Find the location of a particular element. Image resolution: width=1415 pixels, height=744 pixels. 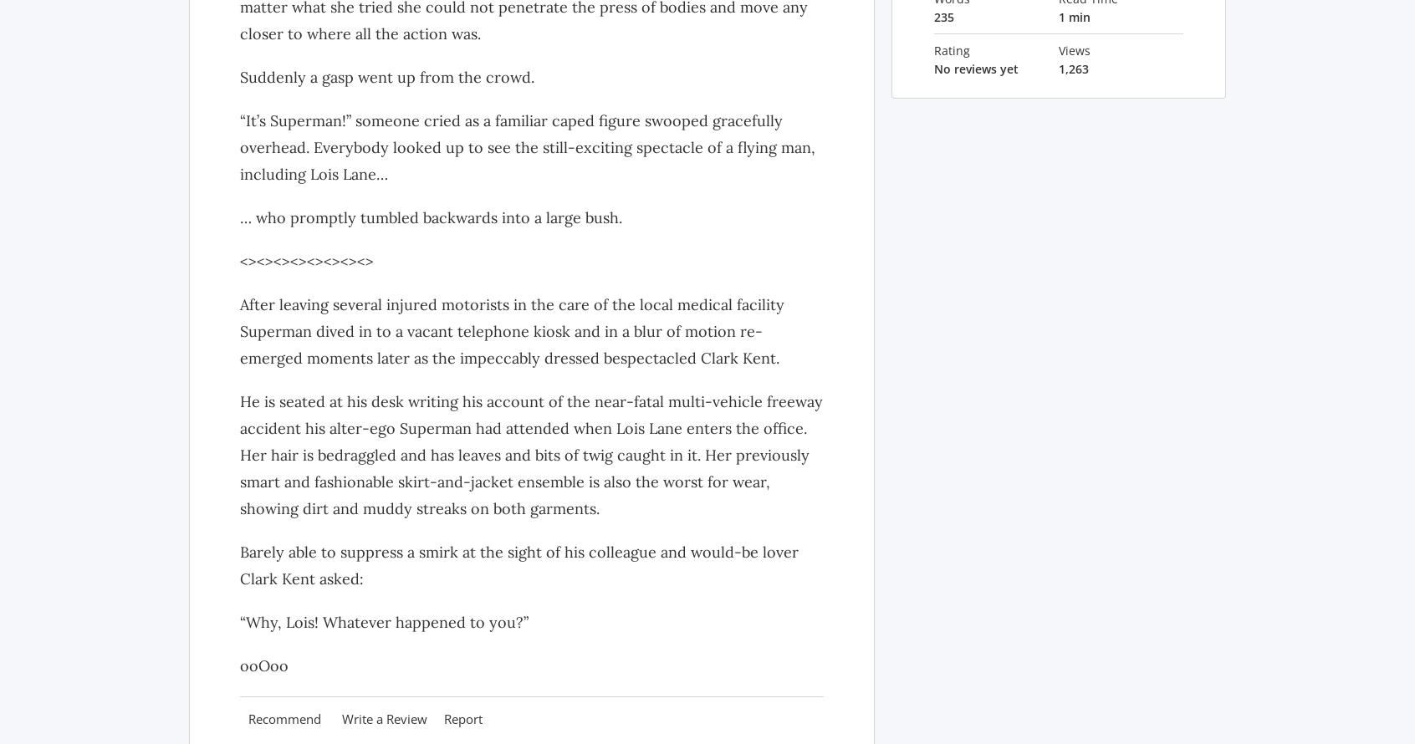

'“It’s Superman!” someone cried as a familiar caped figure swooped gracefully overhead. Everybody looked up to see the still-exciting spectacle of a flying man, including Lois Lane…' is located at coordinates (526, 146).